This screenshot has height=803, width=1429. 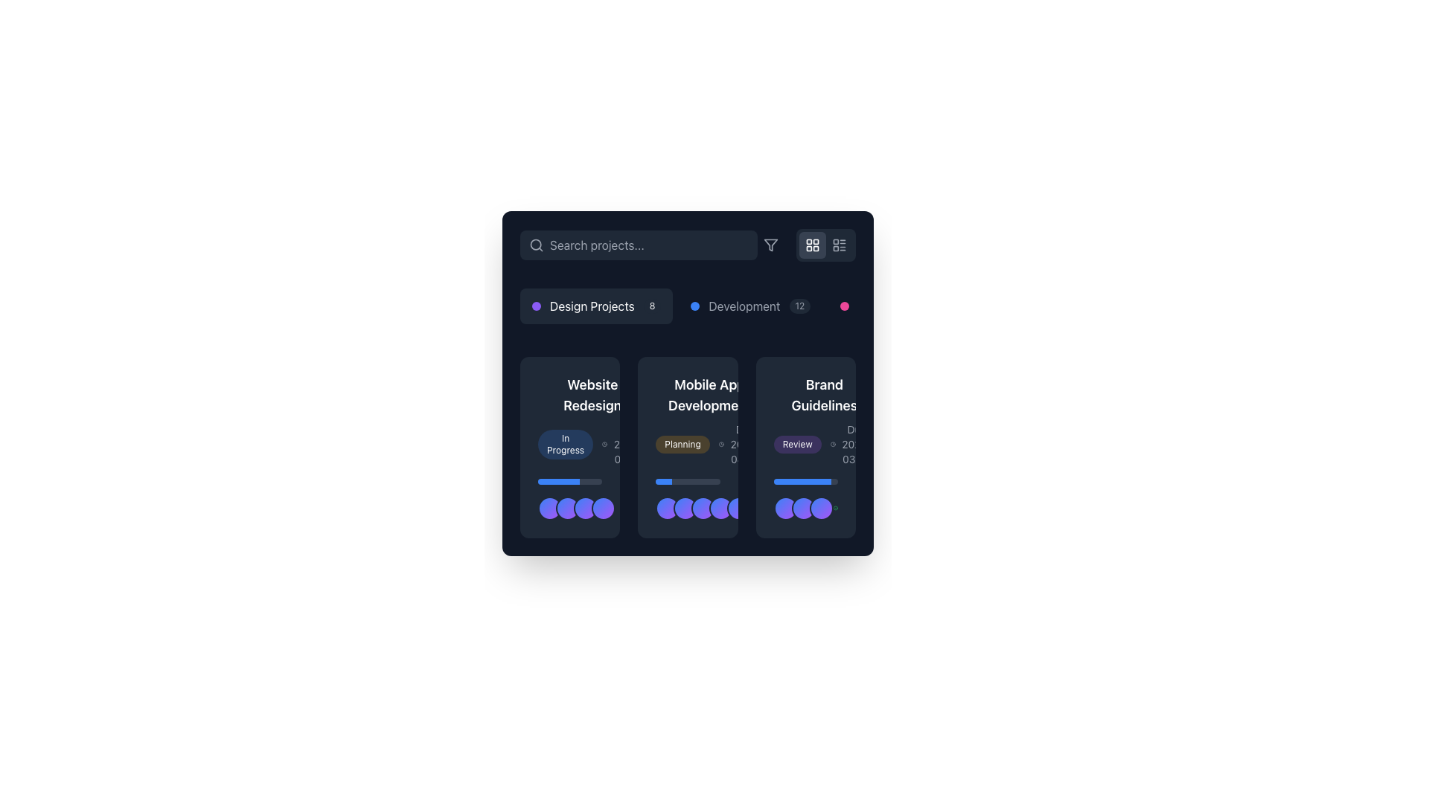 I want to click on the leftmost circular Decorative Icon, which features a blue to purple gradient and a gray border, located at the bottom section of the leftmost card in a set of three horizontally aligned cards, so click(x=549, y=507).